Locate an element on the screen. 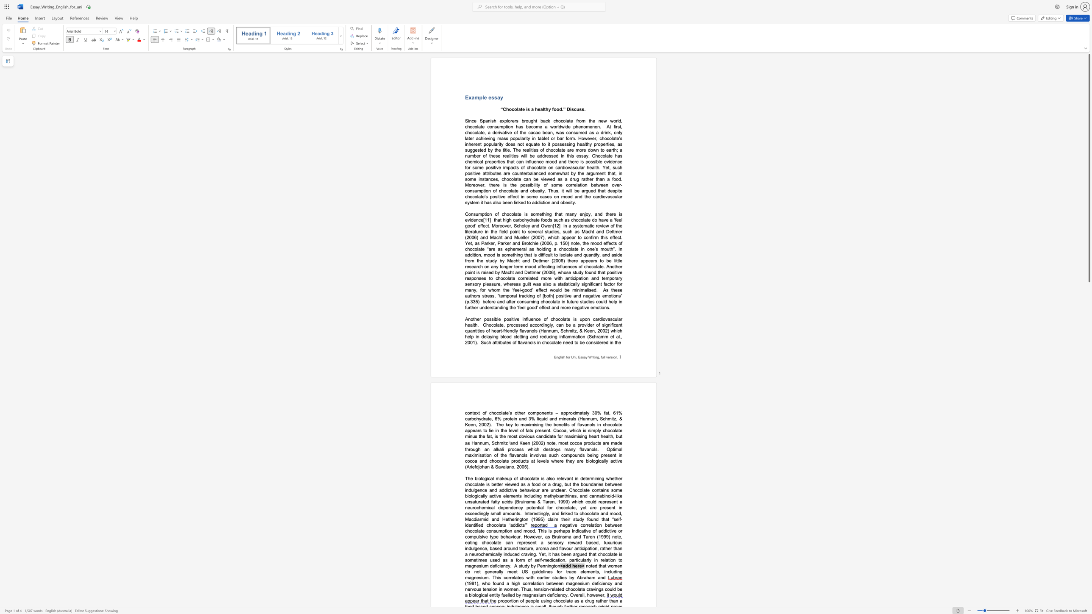 The image size is (1092, 614). the scrollbar on the side is located at coordinates (1089, 309).